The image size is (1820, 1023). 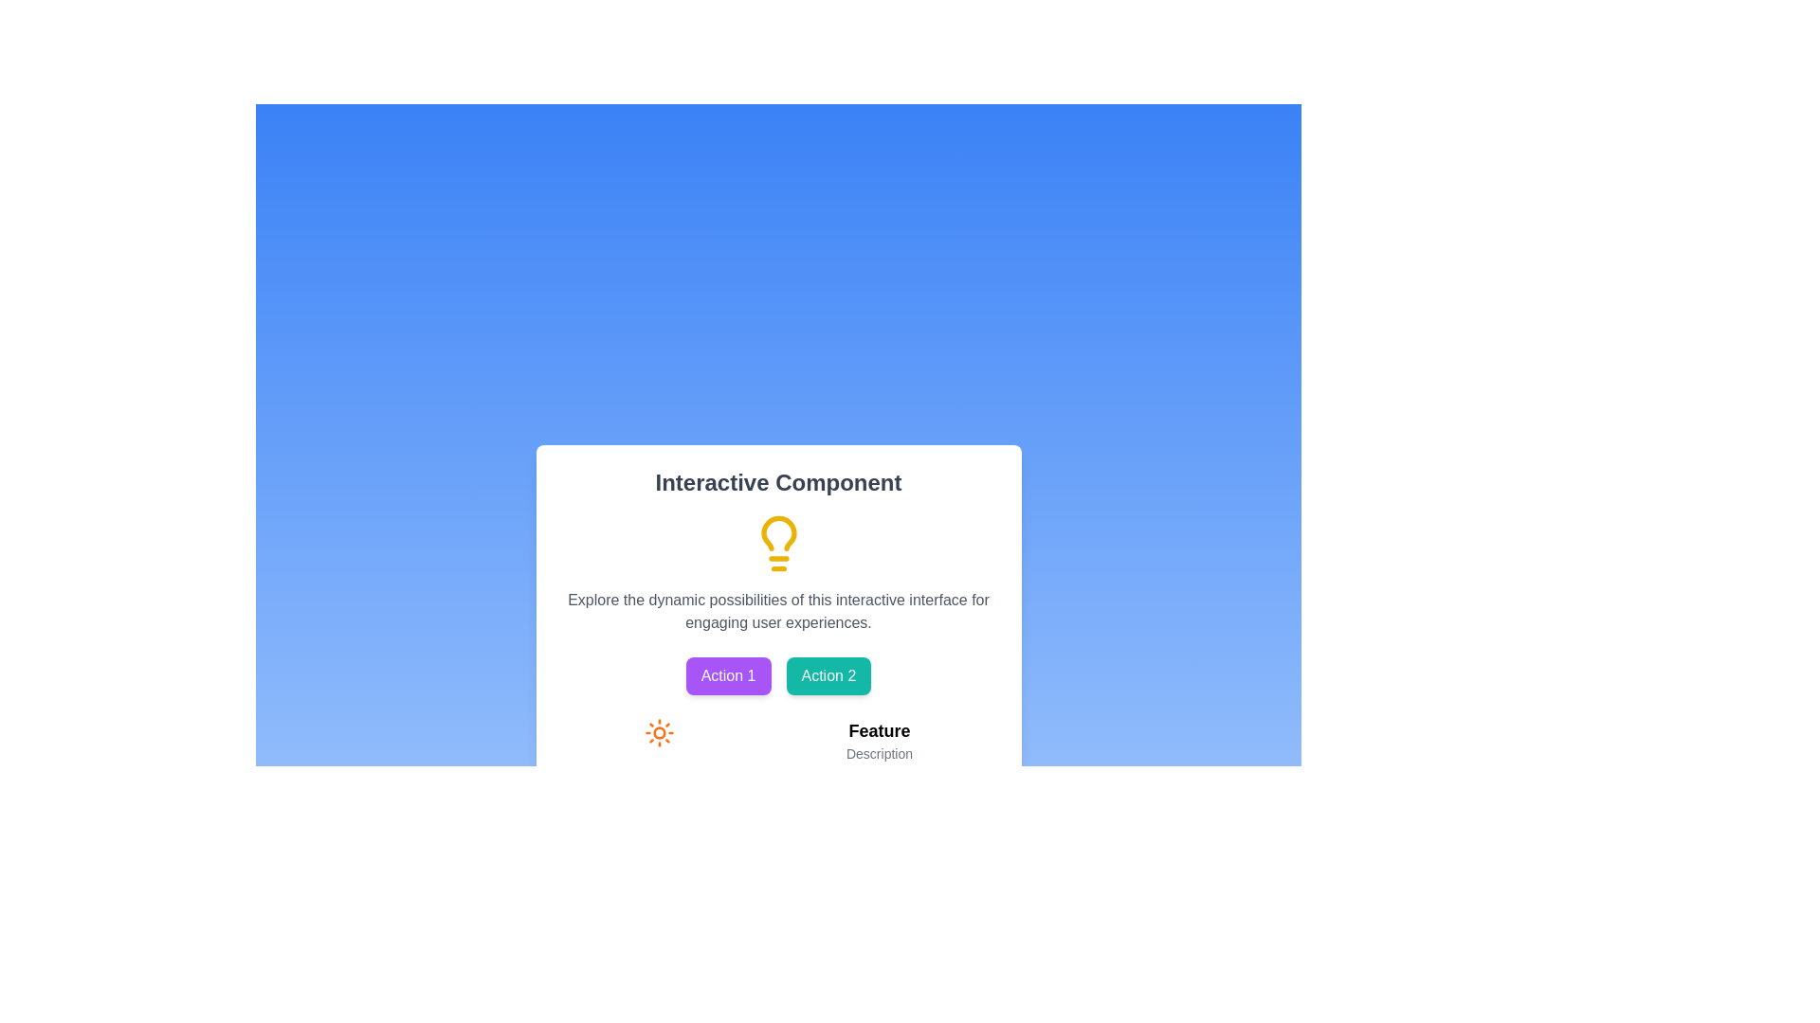 What do you see at coordinates (660, 732) in the screenshot?
I see `the central circle of the decorative sun icon located in the lower portion of the panel, to the left of the 'Feature Description' label` at bounding box center [660, 732].